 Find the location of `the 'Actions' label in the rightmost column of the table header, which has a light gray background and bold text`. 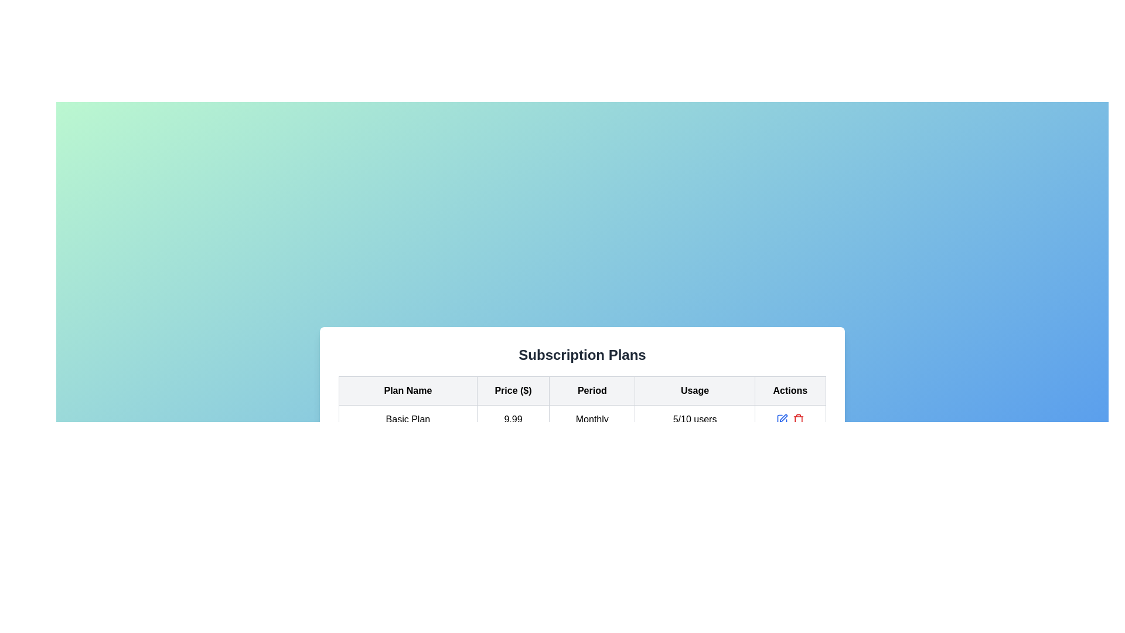

the 'Actions' label in the rightmost column of the table header, which has a light gray background and bold text is located at coordinates (790, 390).